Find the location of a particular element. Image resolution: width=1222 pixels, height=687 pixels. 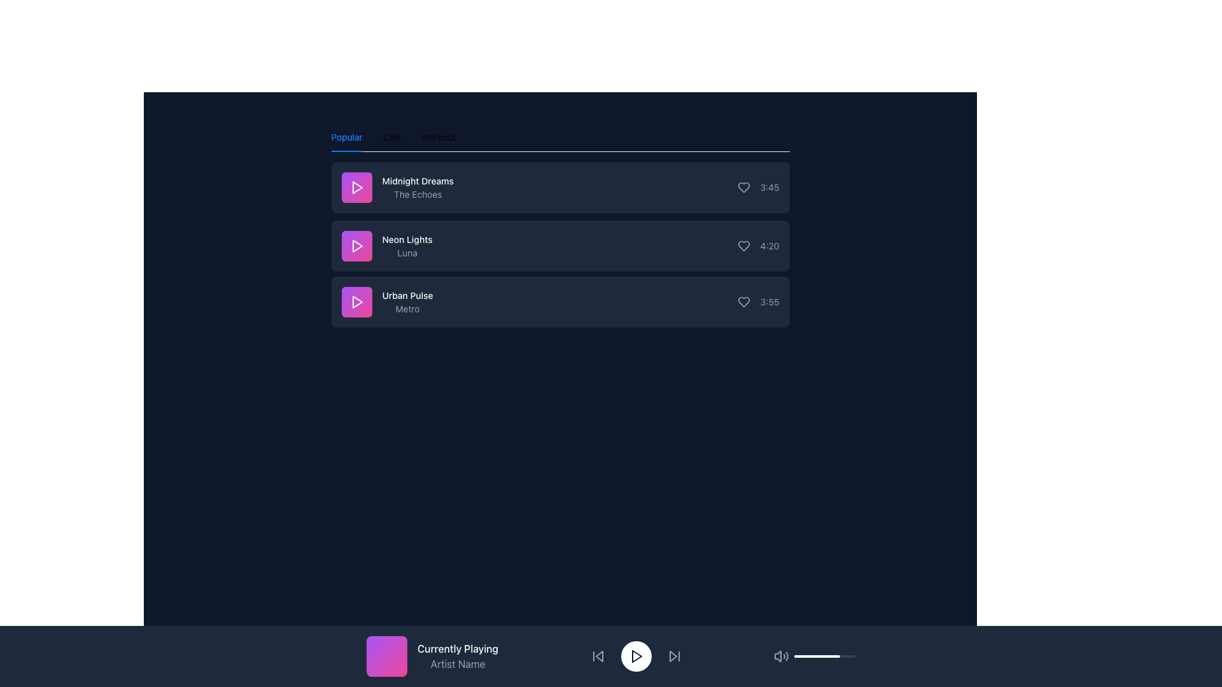

the Text label indicating the name of a song or item, which is the primary title text above 'Luna' in the second item of the vertical list under the 'Popular' tab is located at coordinates (407, 240).